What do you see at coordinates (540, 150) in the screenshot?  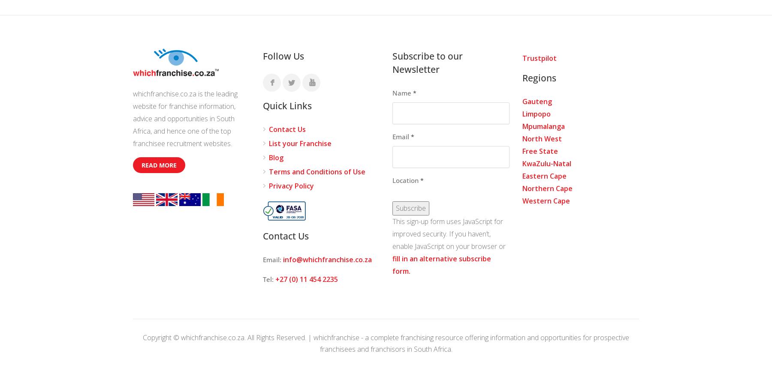 I see `'Free State'` at bounding box center [540, 150].